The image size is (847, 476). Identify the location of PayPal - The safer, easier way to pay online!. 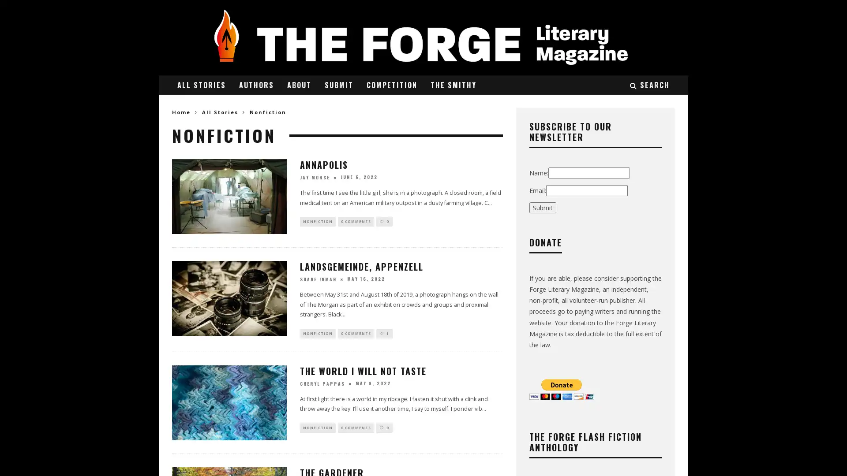
(561, 388).